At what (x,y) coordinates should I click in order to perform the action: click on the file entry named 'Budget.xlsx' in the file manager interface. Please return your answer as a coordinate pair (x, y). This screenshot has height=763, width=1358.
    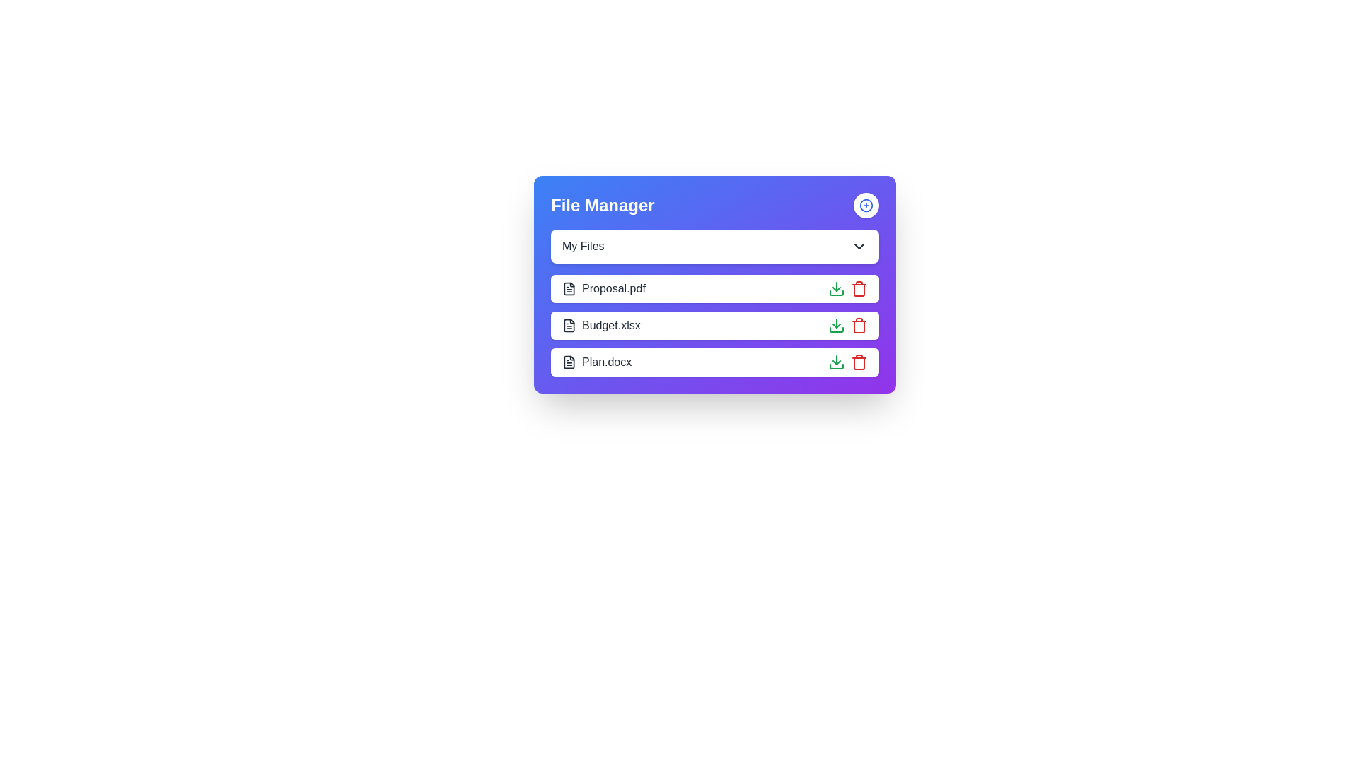
    Looking at the image, I should click on (715, 326).